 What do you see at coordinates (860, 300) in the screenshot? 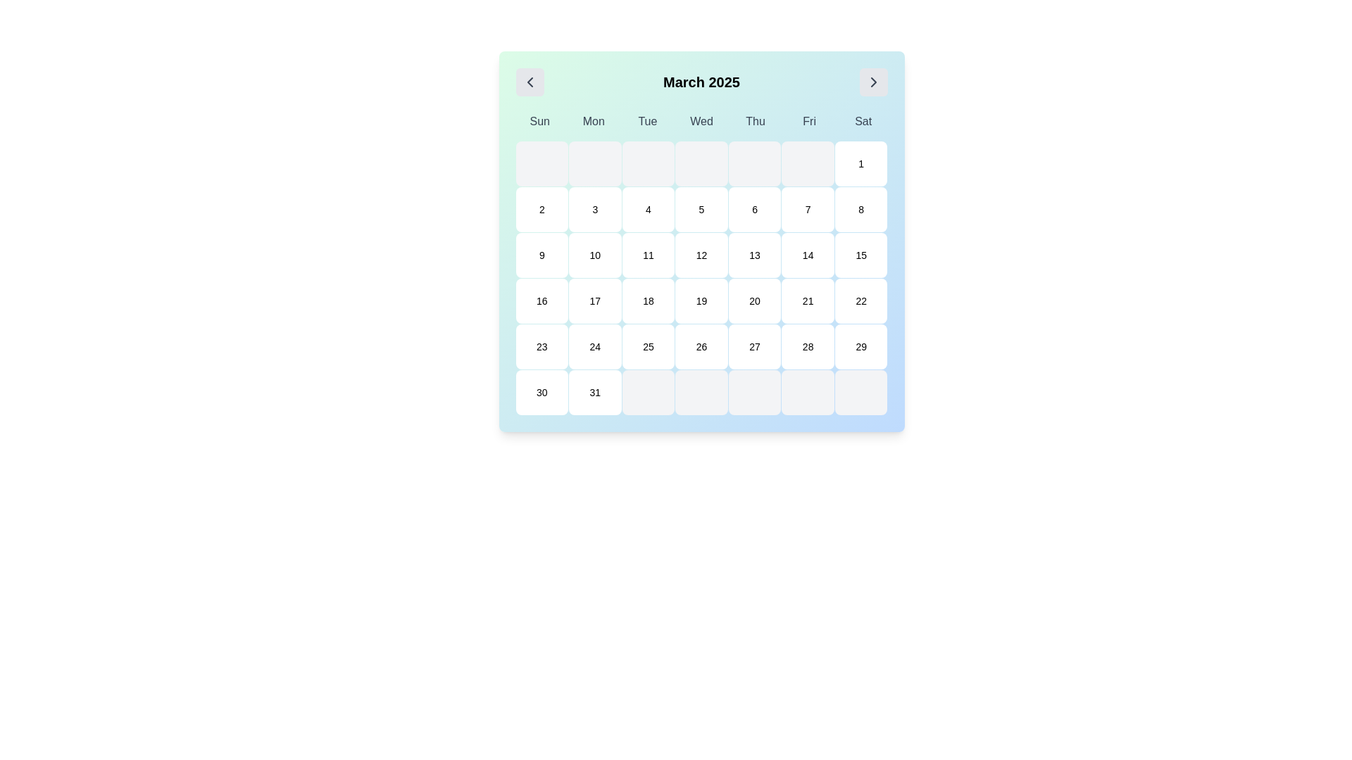
I see `the square button displaying the number '22' in black, located in the sixth row and sixth column of the calendar grid, to activate the hover effect` at bounding box center [860, 300].